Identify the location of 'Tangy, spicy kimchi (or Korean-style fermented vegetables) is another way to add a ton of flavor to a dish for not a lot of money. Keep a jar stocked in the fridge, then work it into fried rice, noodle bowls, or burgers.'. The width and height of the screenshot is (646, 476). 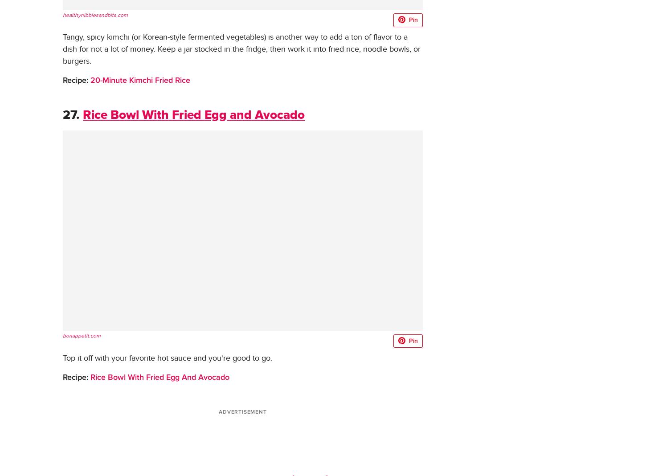
(241, 49).